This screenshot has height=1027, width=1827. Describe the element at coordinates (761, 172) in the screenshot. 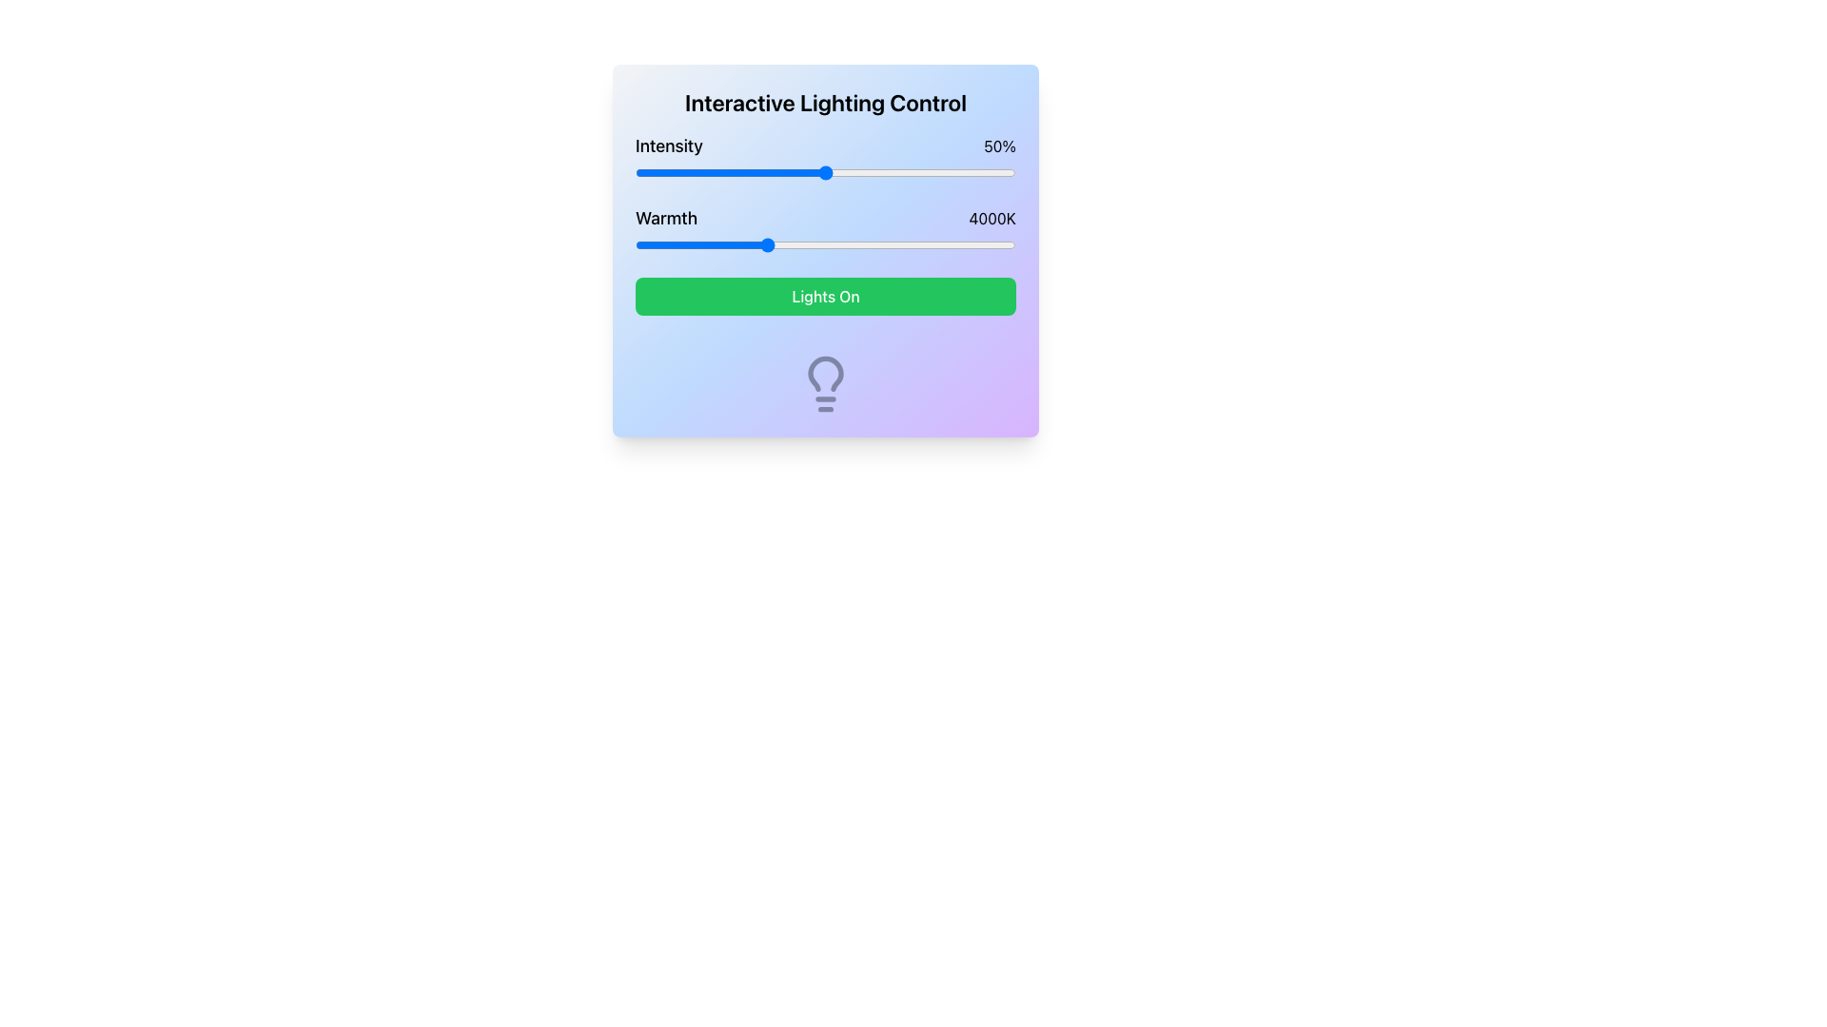

I see `the slider value` at that location.